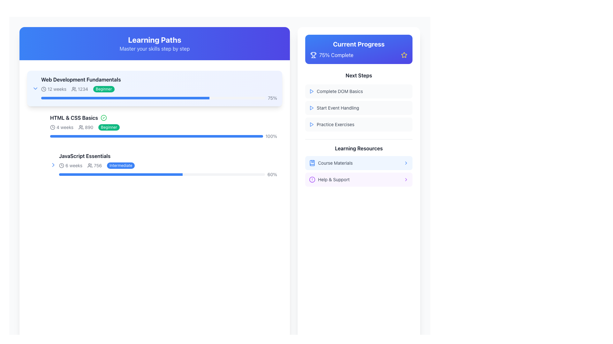 The height and width of the screenshot is (344, 613). Describe the element at coordinates (359, 124) in the screenshot. I see `the 'Practice Exercises' button element located at the bottom of the 'Next Steps' list in the 'Current Progress' section` at that location.